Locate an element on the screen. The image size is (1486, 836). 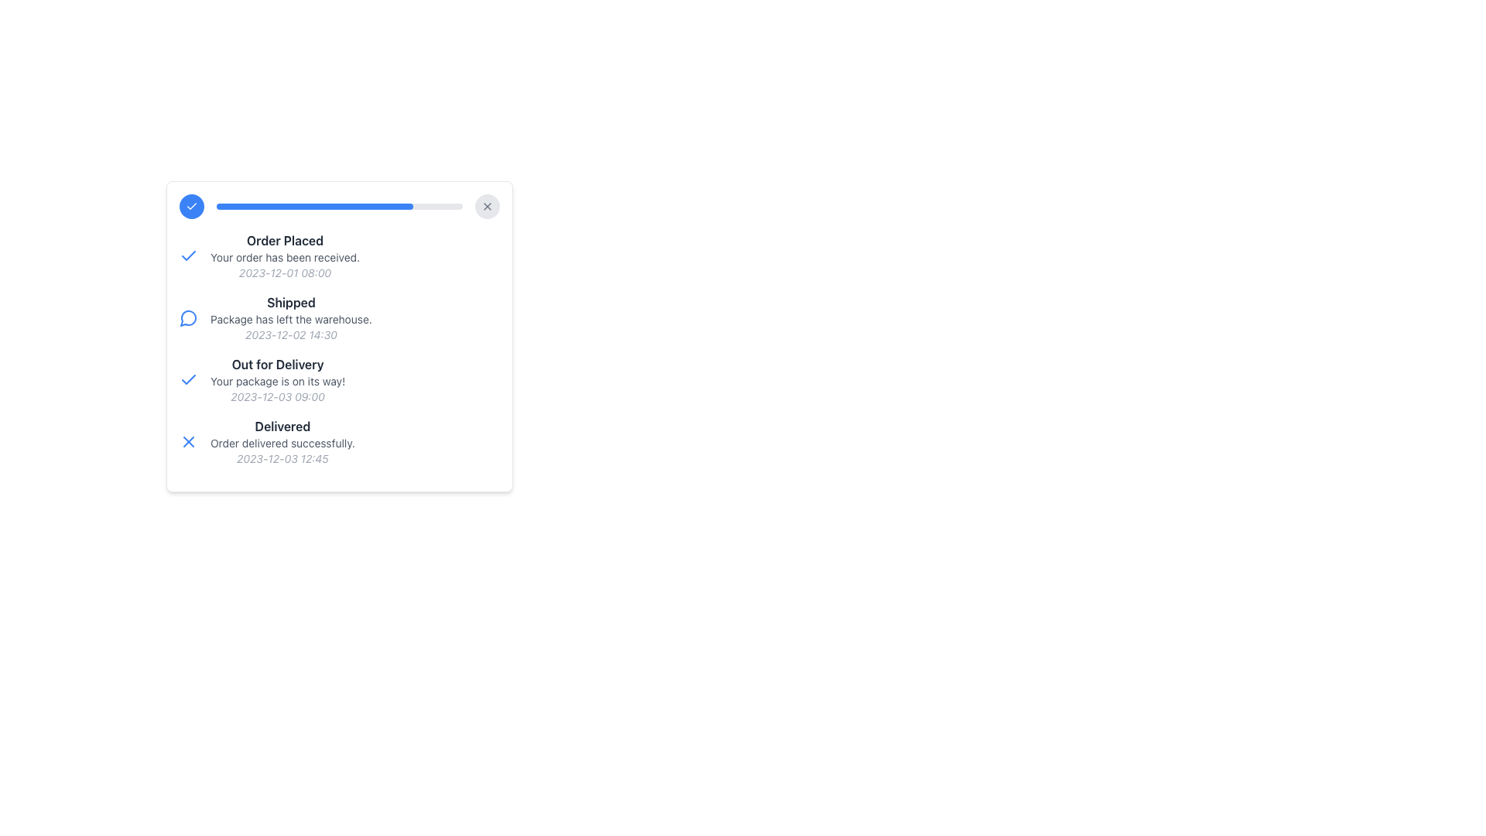
the status indicator element that informs the user their order has been placed, which includes a heading, subheading, and timestamp, positioned below a blue progress bar and to the right of a blue checkmark icon is located at coordinates (285, 255).